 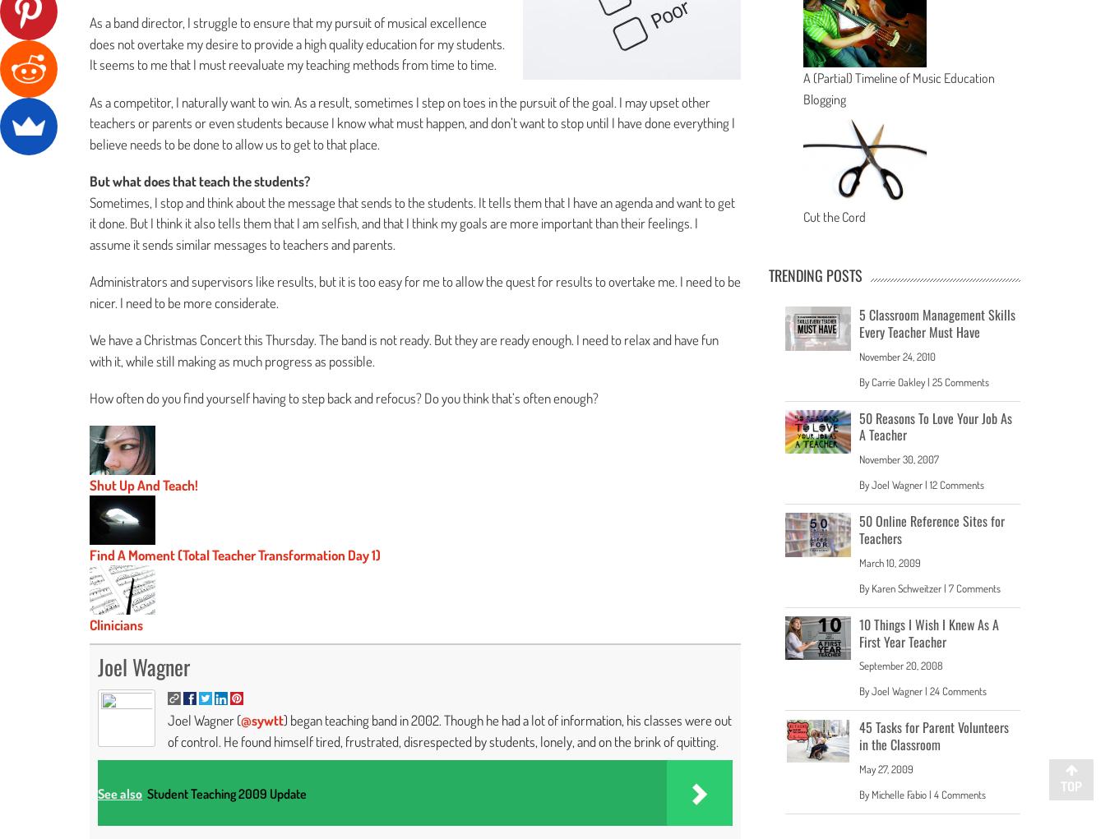 What do you see at coordinates (143, 483) in the screenshot?
I see `'Shut Up And Teach!'` at bounding box center [143, 483].